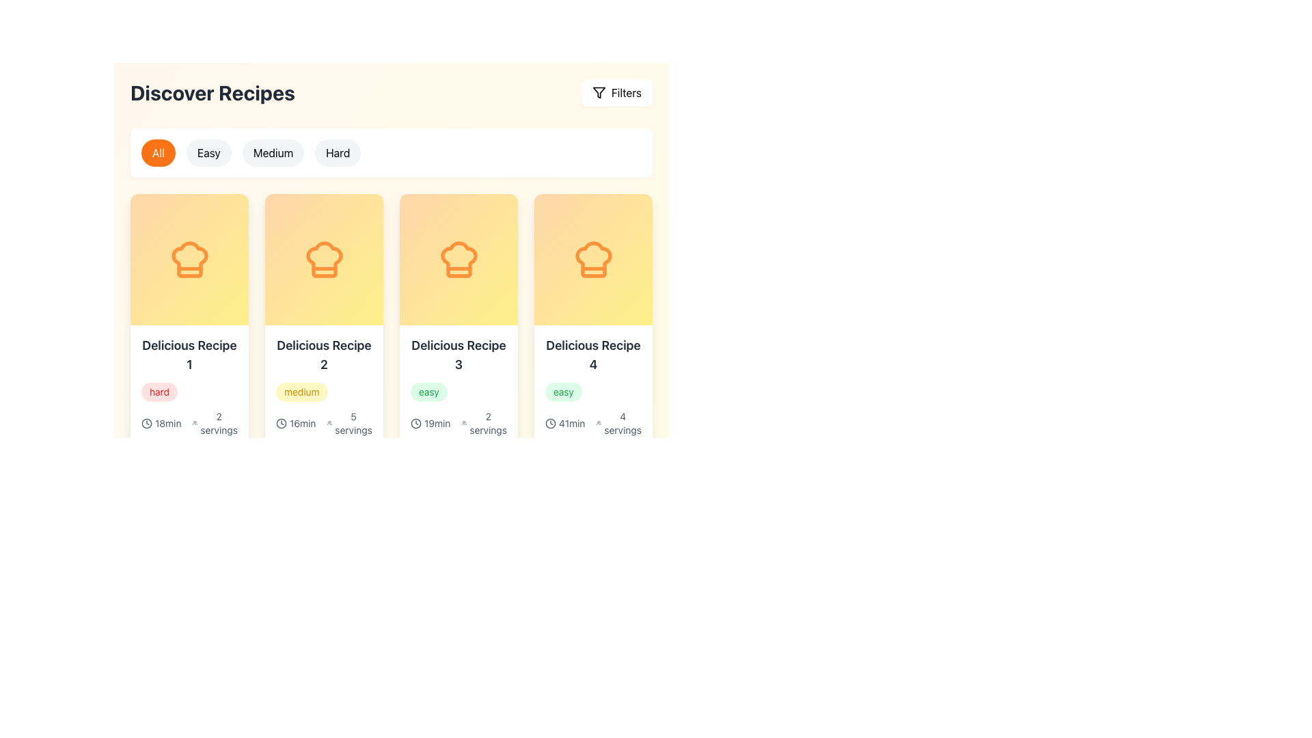 Image resolution: width=1312 pixels, height=738 pixels. I want to click on clock icon component located at the bottom-left corner of the second recipe card in the displayed grid for additional details, so click(147, 423).